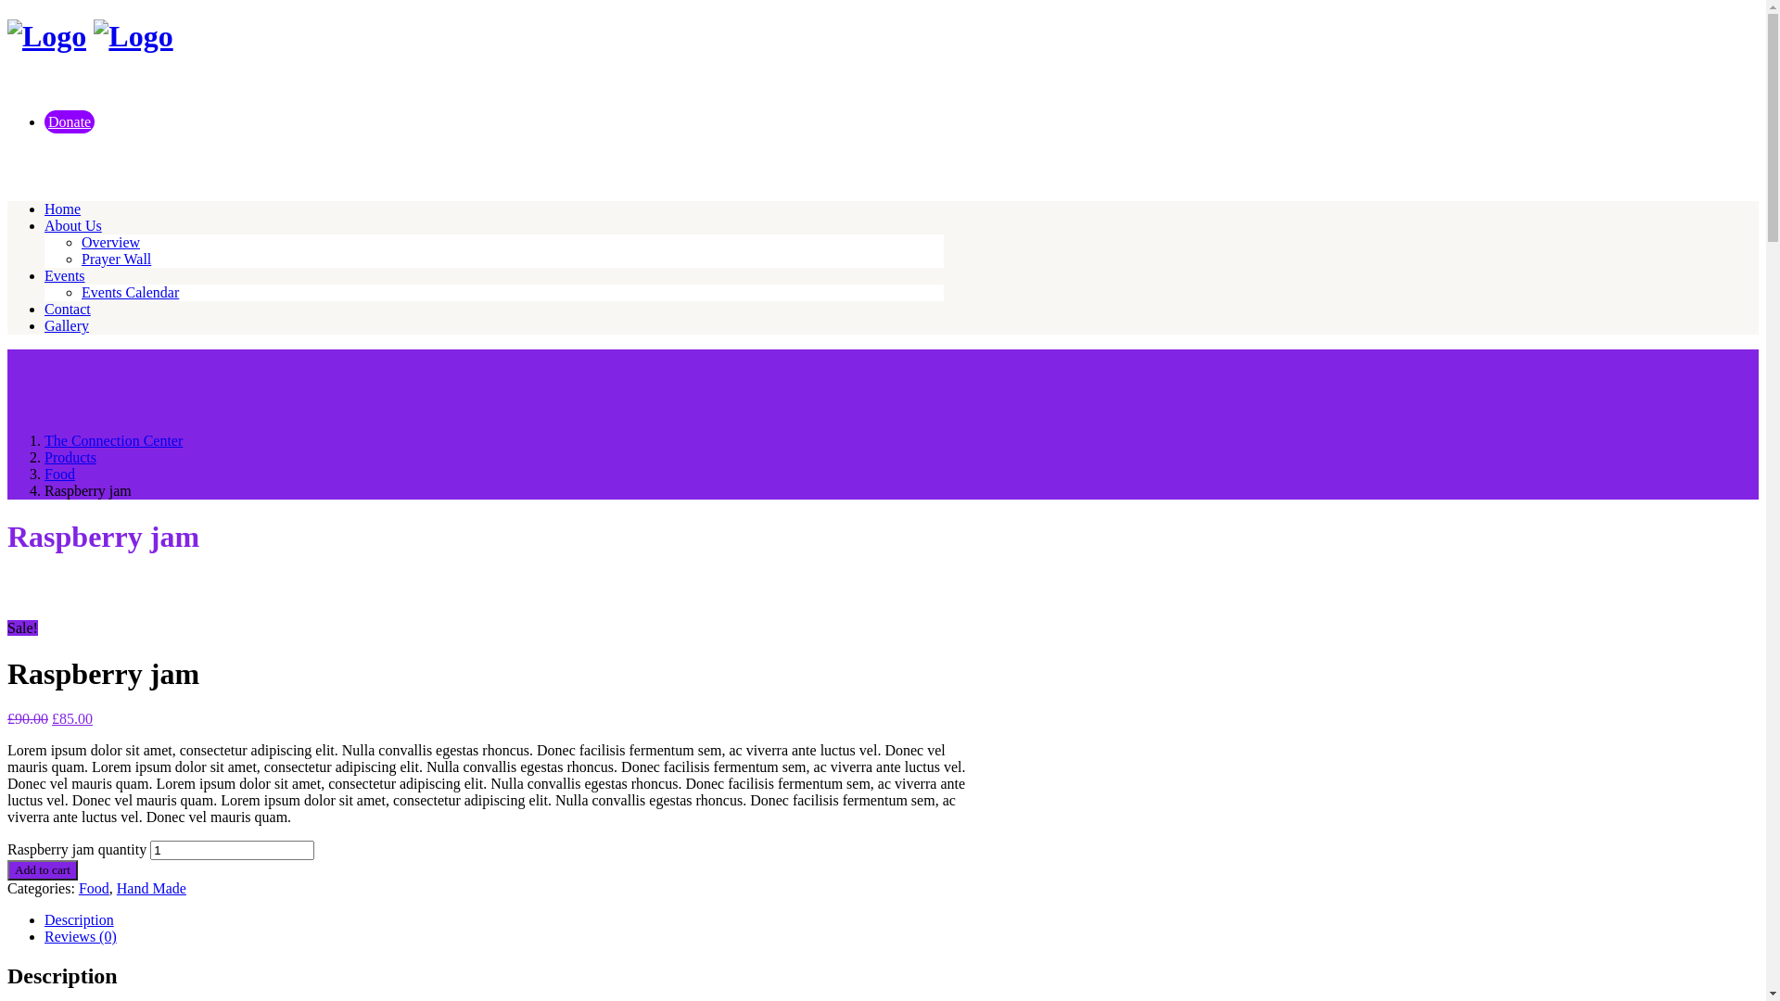 The image size is (1780, 1001). What do you see at coordinates (109, 242) in the screenshot?
I see `'Overview'` at bounding box center [109, 242].